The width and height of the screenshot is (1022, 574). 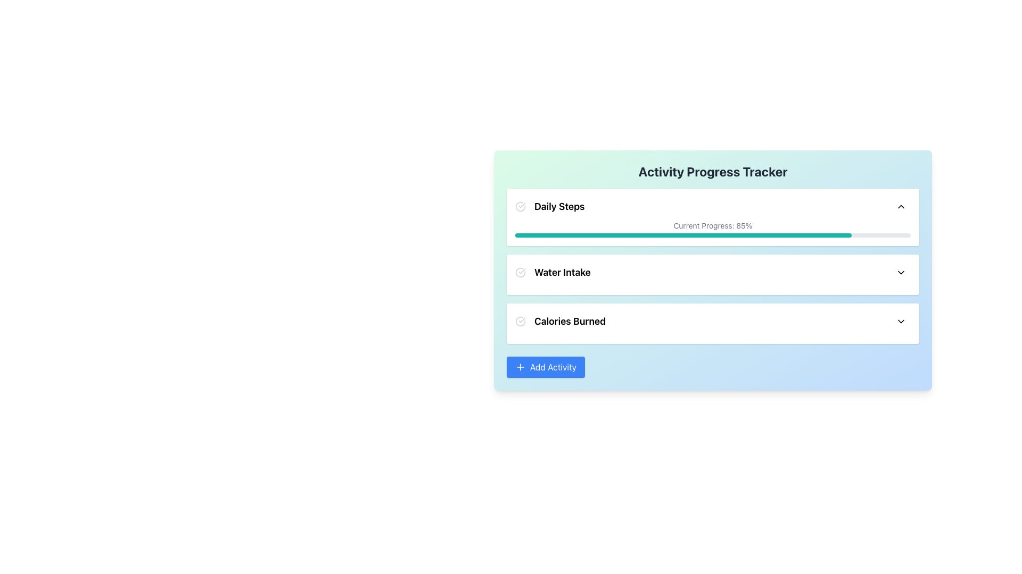 What do you see at coordinates (570, 321) in the screenshot?
I see `the 'Calories Burned' text label which is styled in bold font, located in a vertical list of activity monitoring items underneath 'Daily Steps' and 'Water Intake'` at bounding box center [570, 321].